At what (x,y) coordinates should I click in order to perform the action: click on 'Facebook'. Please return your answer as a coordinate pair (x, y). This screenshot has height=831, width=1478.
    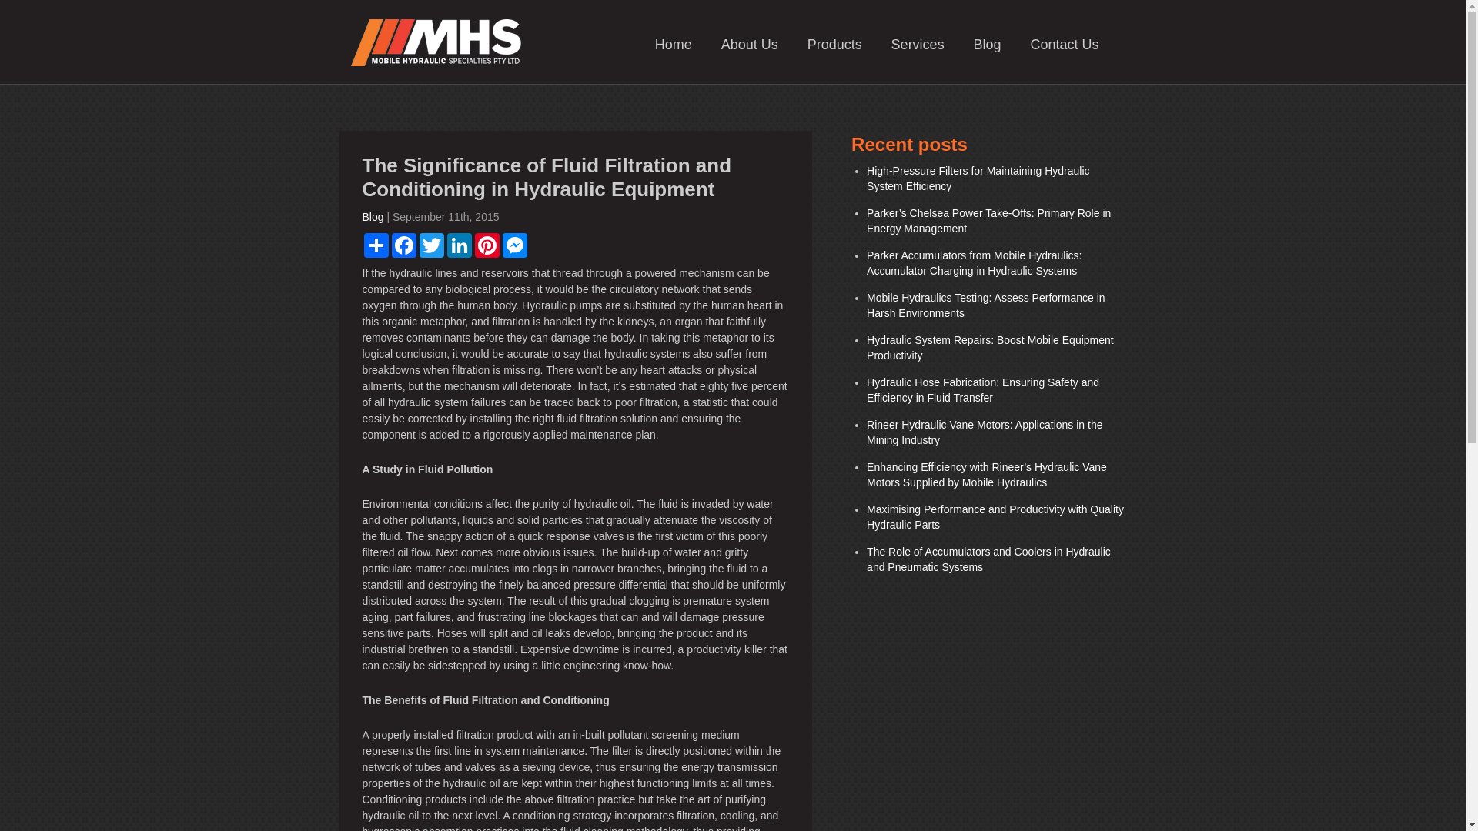
    Looking at the image, I should click on (403, 245).